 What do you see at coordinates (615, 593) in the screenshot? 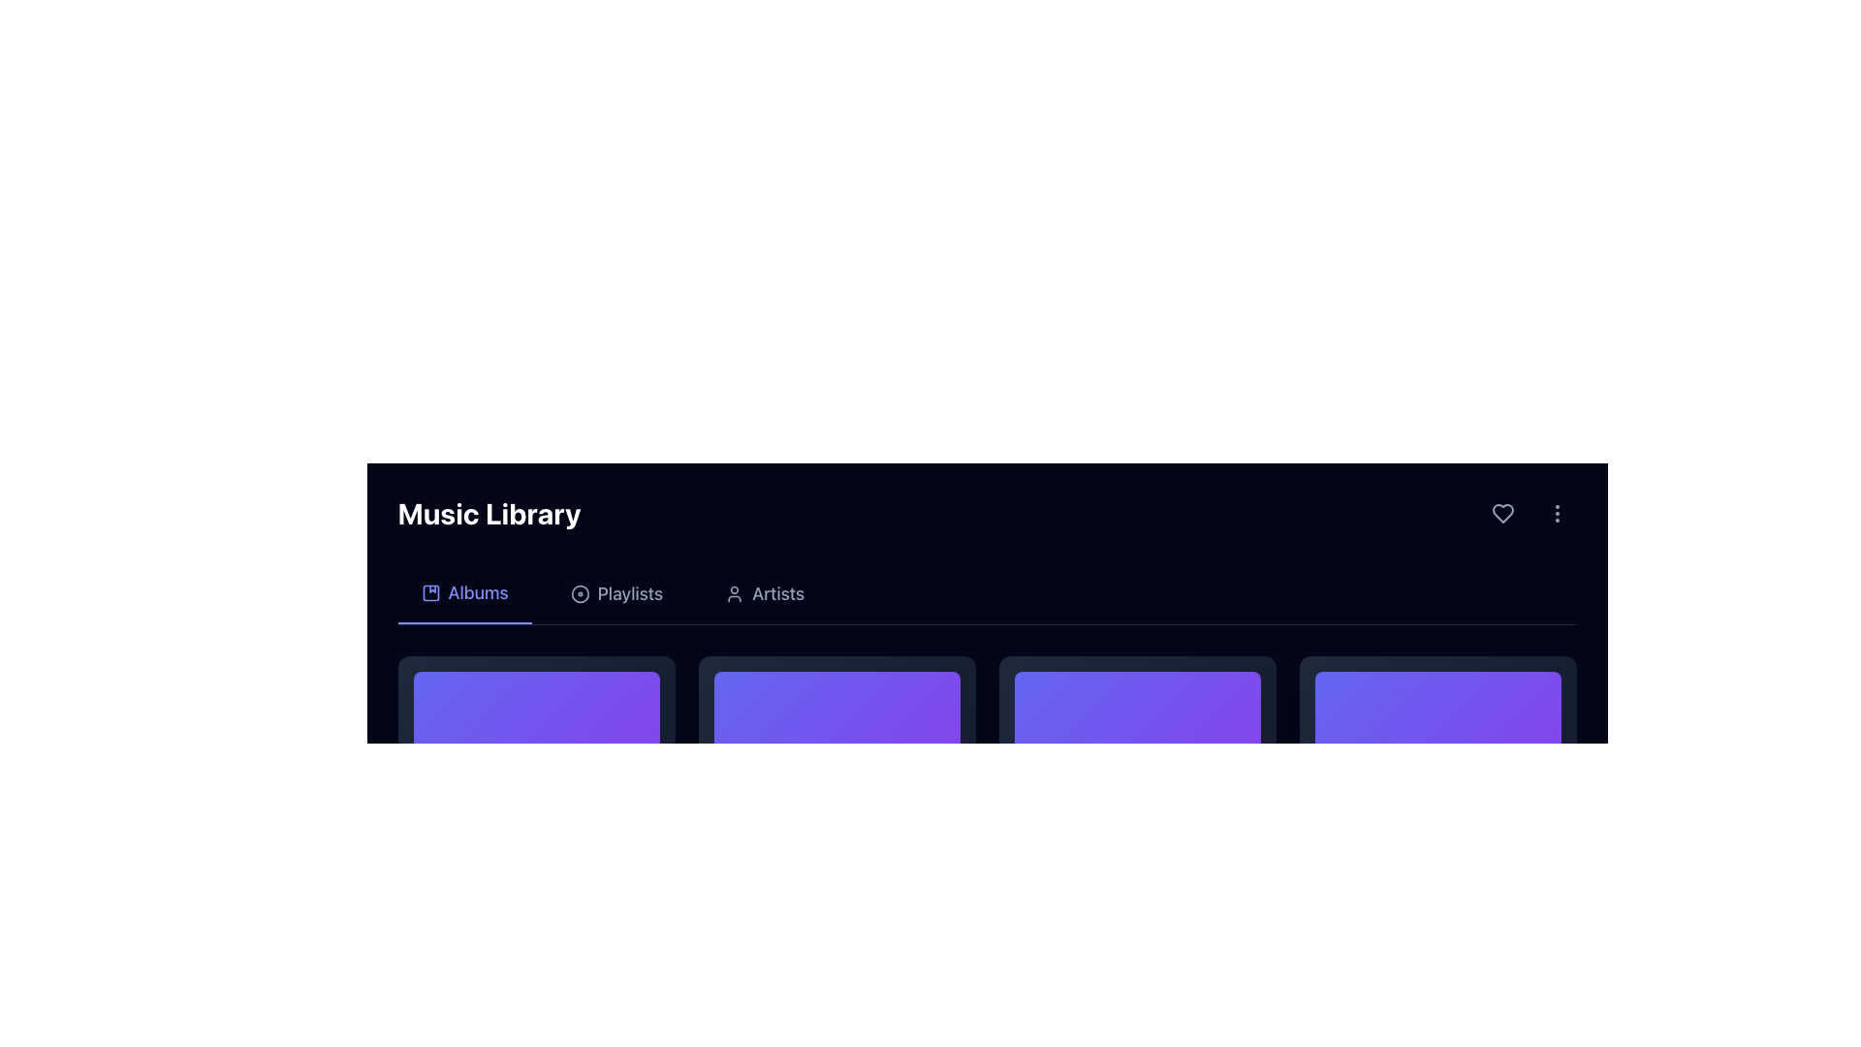
I see `the Navigation link that allows the user to navigate to the Playlists section of the application, which is the second clickable option from the left in the horizontal navigation bar` at bounding box center [615, 593].